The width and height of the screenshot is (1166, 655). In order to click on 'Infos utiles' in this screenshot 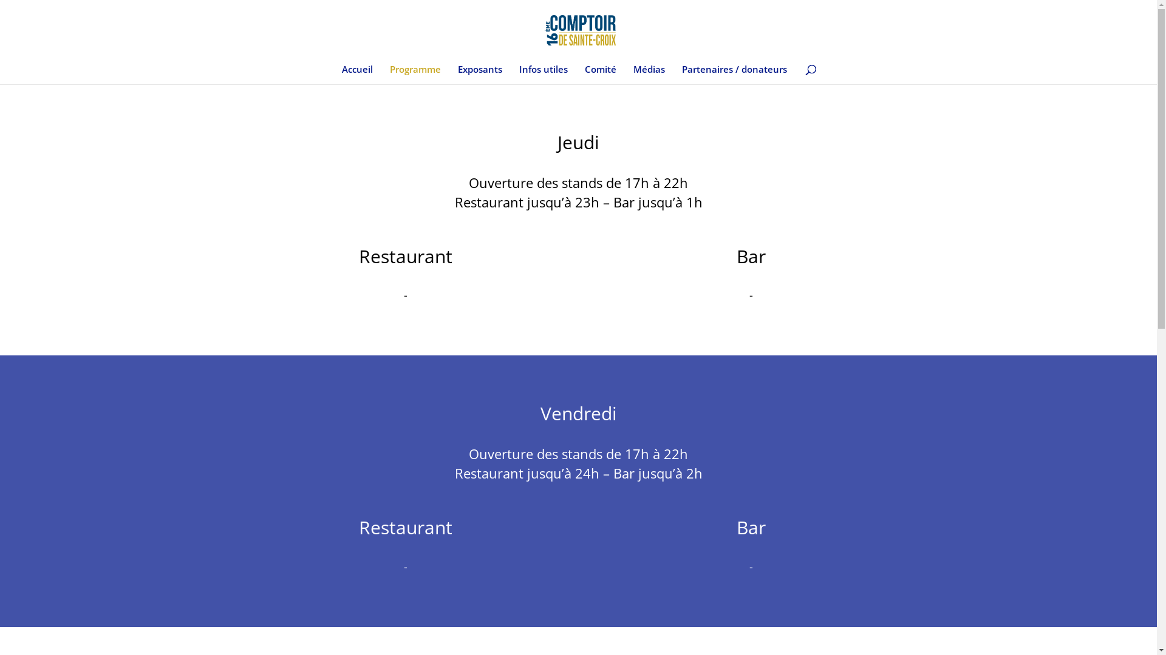, I will do `click(542, 75)`.